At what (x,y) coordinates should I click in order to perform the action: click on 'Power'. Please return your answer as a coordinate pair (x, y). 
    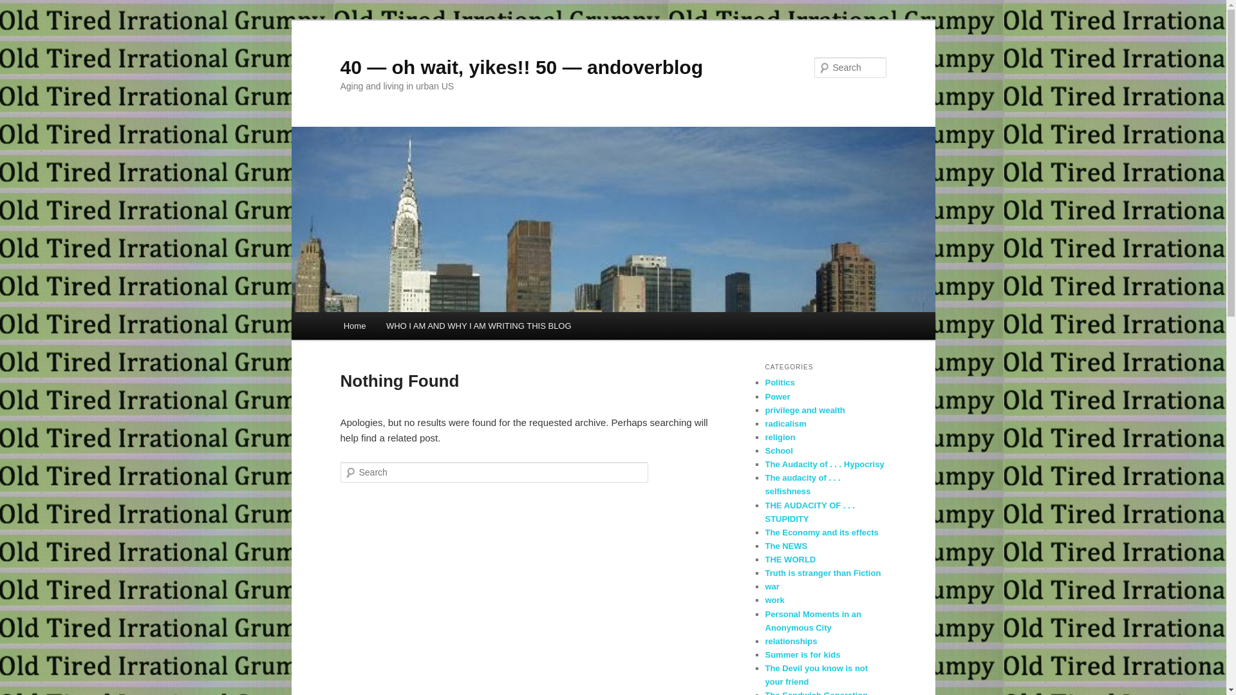
    Looking at the image, I should click on (765, 396).